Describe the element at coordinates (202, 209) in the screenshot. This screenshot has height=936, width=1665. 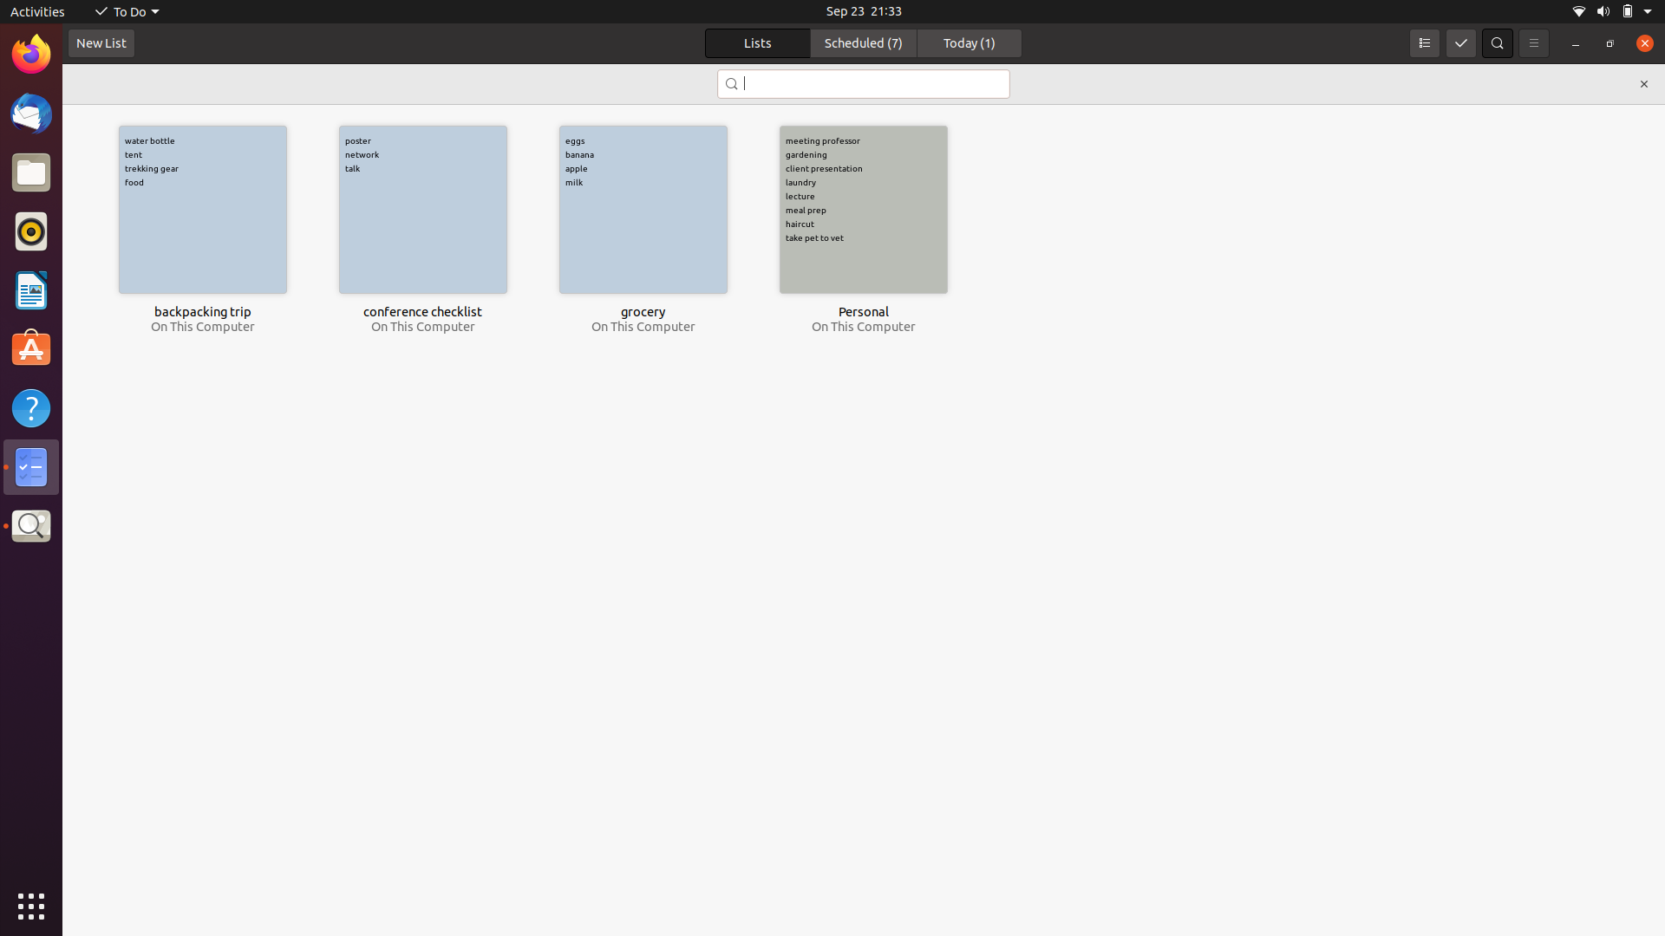
I see `the task list named backpacking trip` at that location.